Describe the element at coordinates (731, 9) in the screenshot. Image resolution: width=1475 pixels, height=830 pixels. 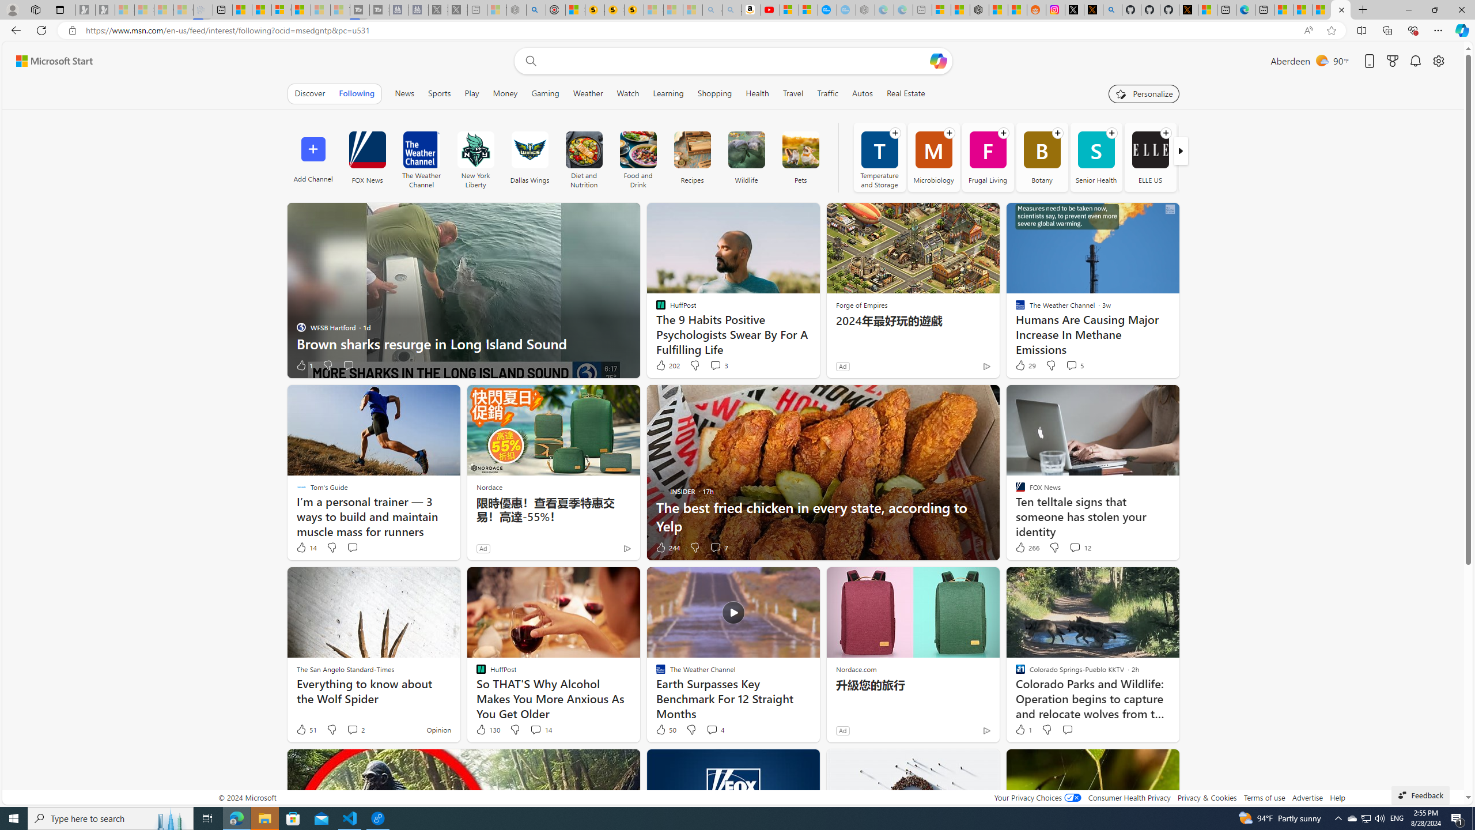
I see `'Amazon Echo Dot PNG - Search Images - Sleeping'` at that location.